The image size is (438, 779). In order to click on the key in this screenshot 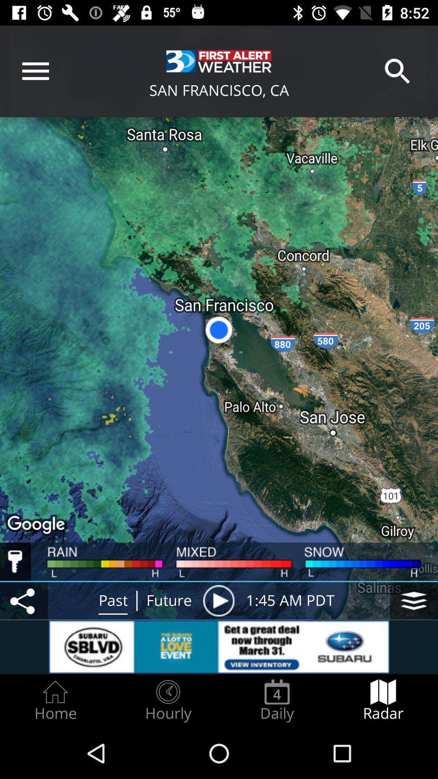, I will do `click(15, 561)`.